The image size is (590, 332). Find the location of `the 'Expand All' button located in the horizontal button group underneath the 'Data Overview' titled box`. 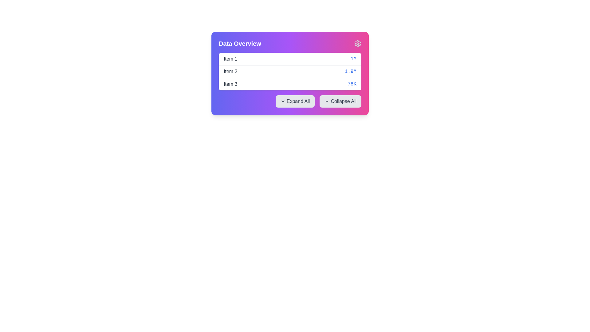

the 'Expand All' button located in the horizontal button group underneath the 'Data Overview' titled box is located at coordinates (295, 101).